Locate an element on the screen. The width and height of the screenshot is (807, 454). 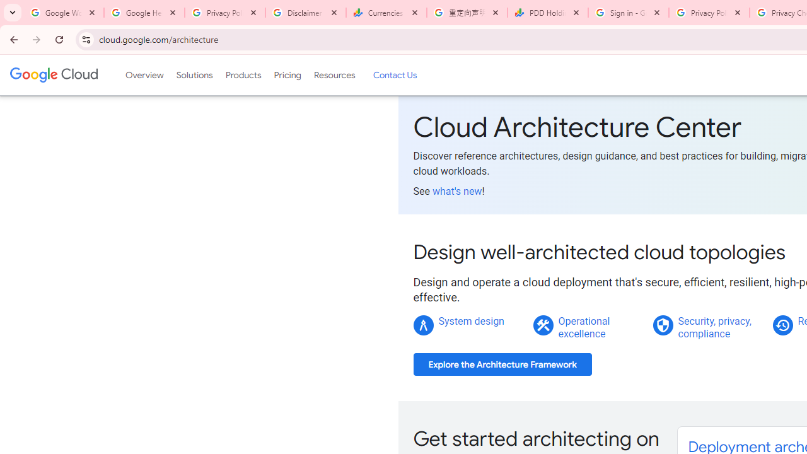
'Resources' is located at coordinates (334, 75).